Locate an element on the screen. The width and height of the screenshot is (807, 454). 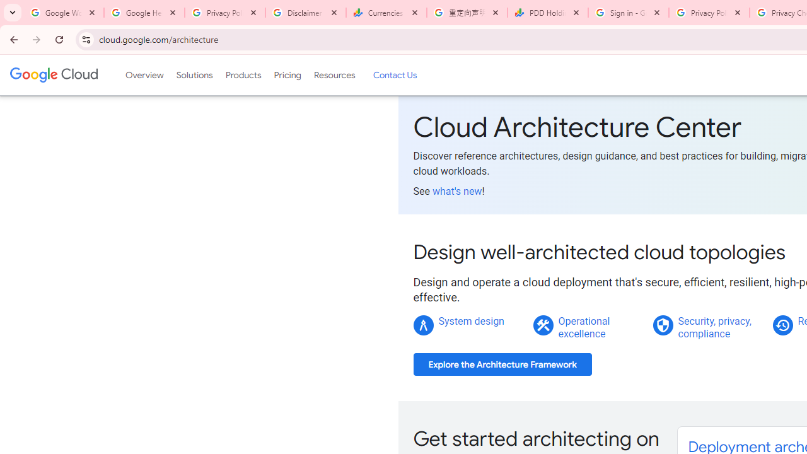
'Resources' is located at coordinates (334, 75).